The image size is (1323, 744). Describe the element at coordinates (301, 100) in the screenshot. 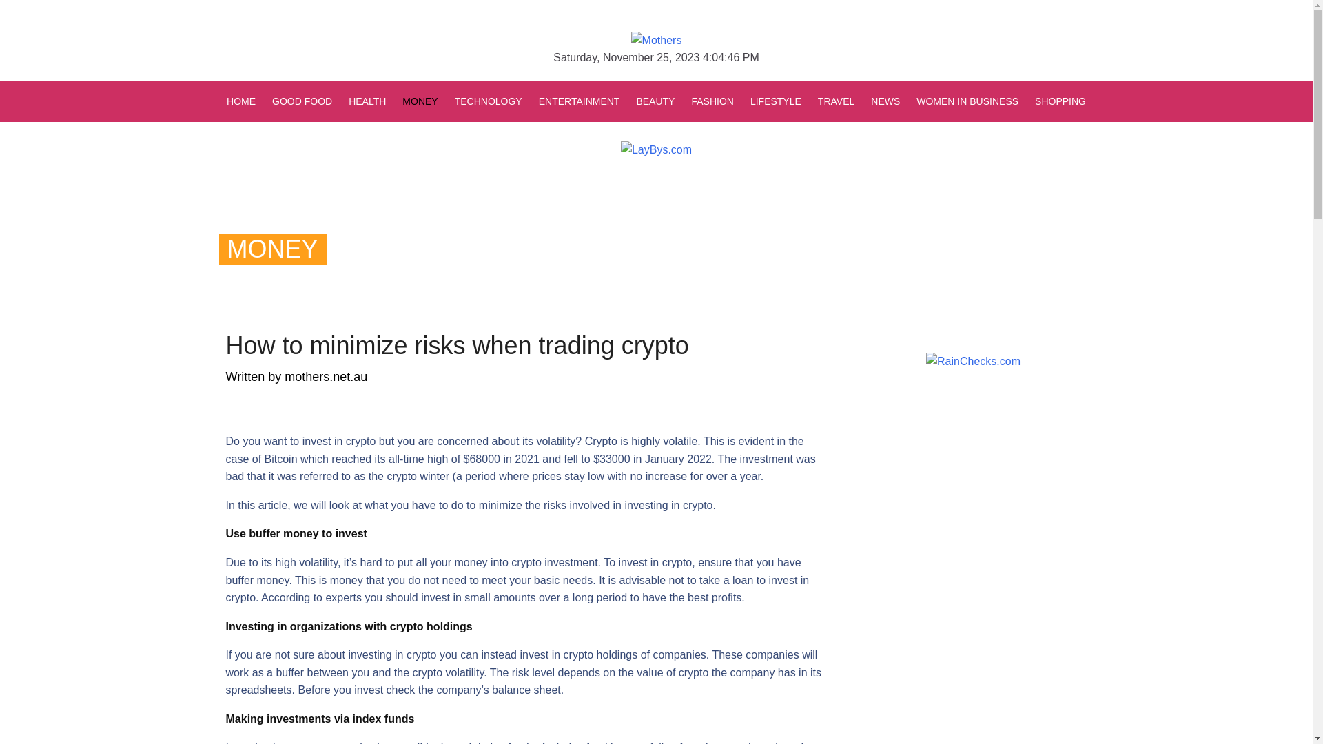

I see `'GOOD FOOD'` at that location.